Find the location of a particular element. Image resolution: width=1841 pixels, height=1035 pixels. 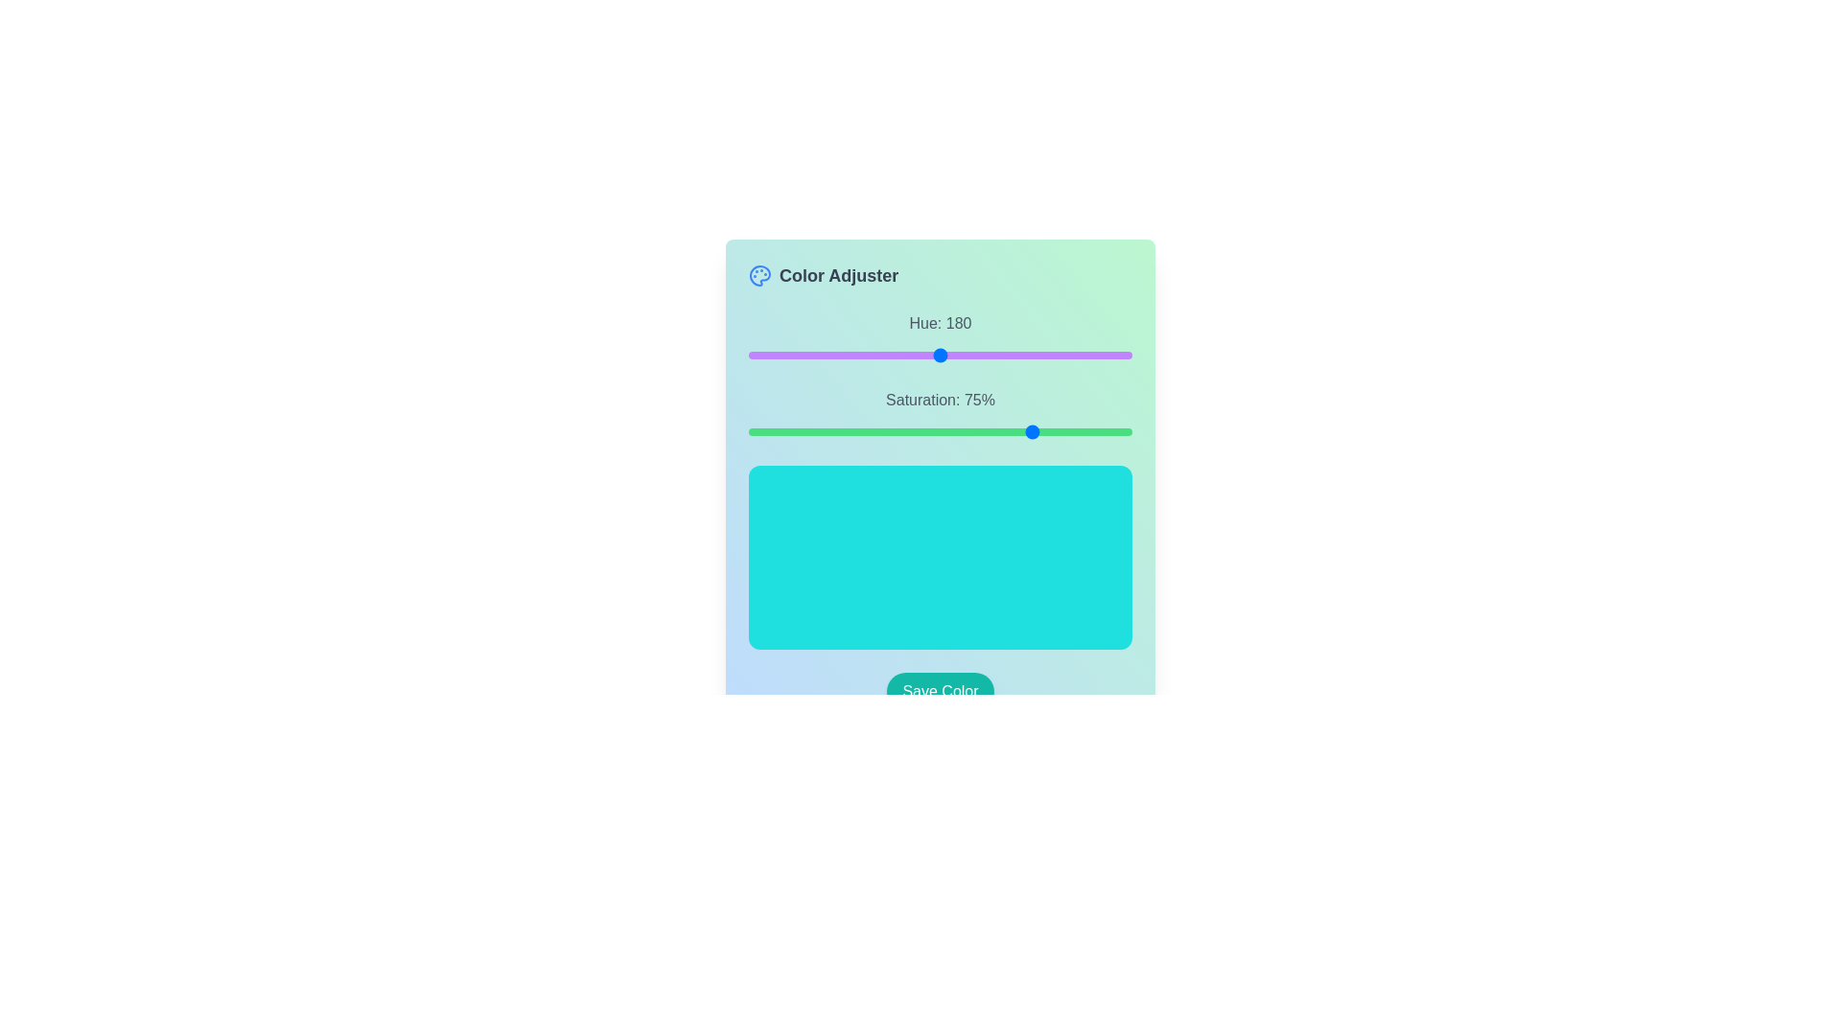

the save button located at the bottom of the 'Color Adjuster' card layout is located at coordinates (940, 691).